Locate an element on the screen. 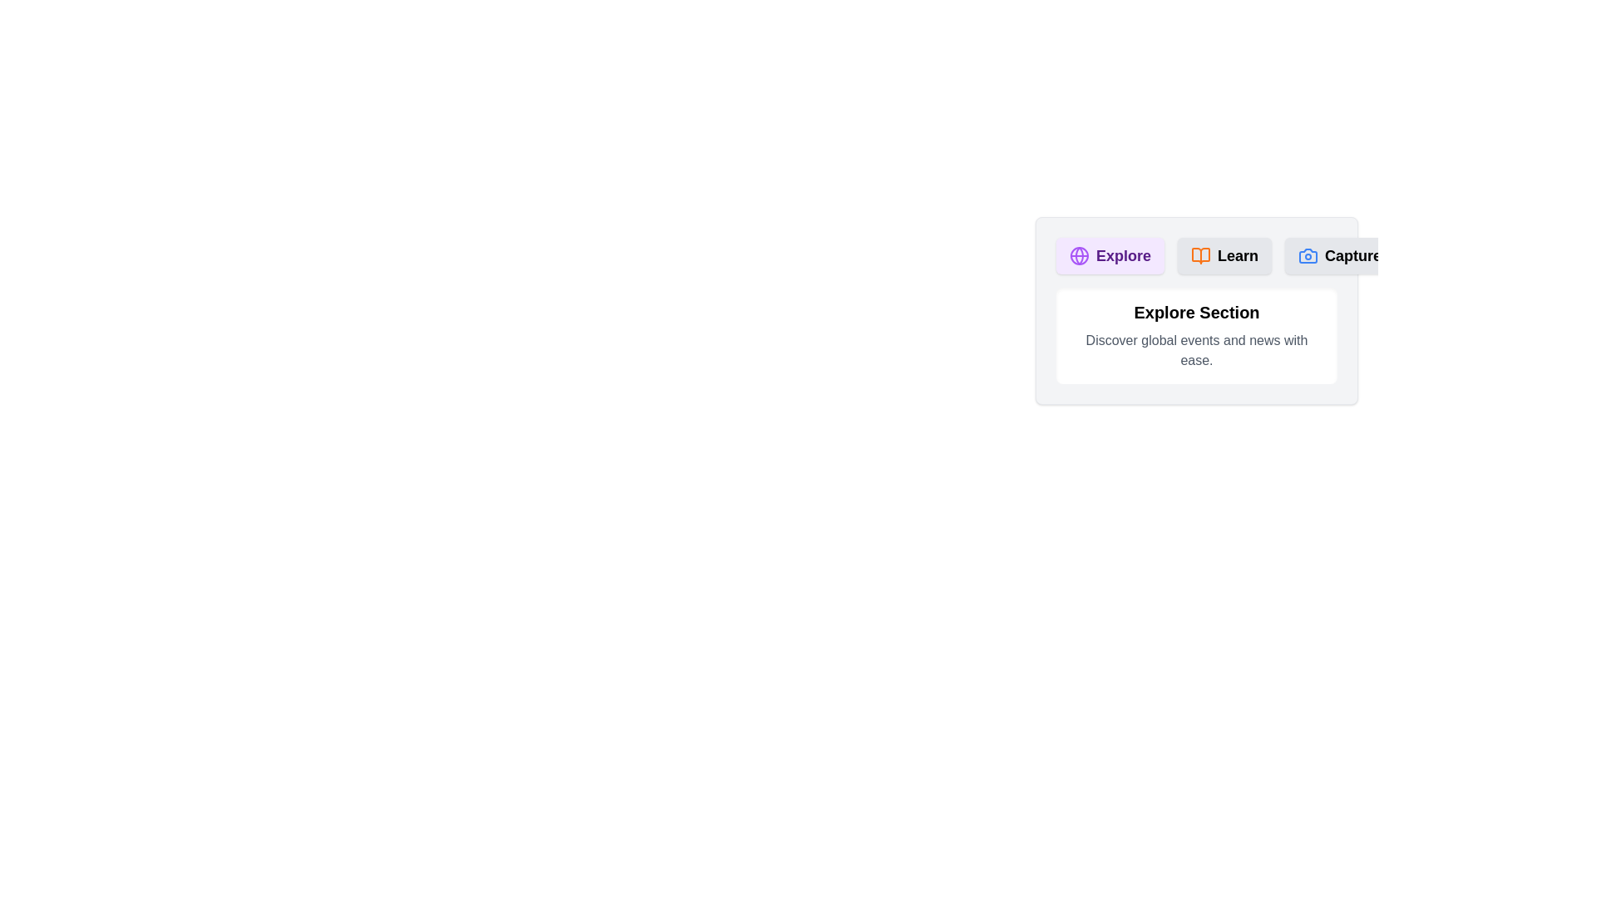 This screenshot has width=1597, height=898. the Capture tab to view its content is located at coordinates (1340, 256).